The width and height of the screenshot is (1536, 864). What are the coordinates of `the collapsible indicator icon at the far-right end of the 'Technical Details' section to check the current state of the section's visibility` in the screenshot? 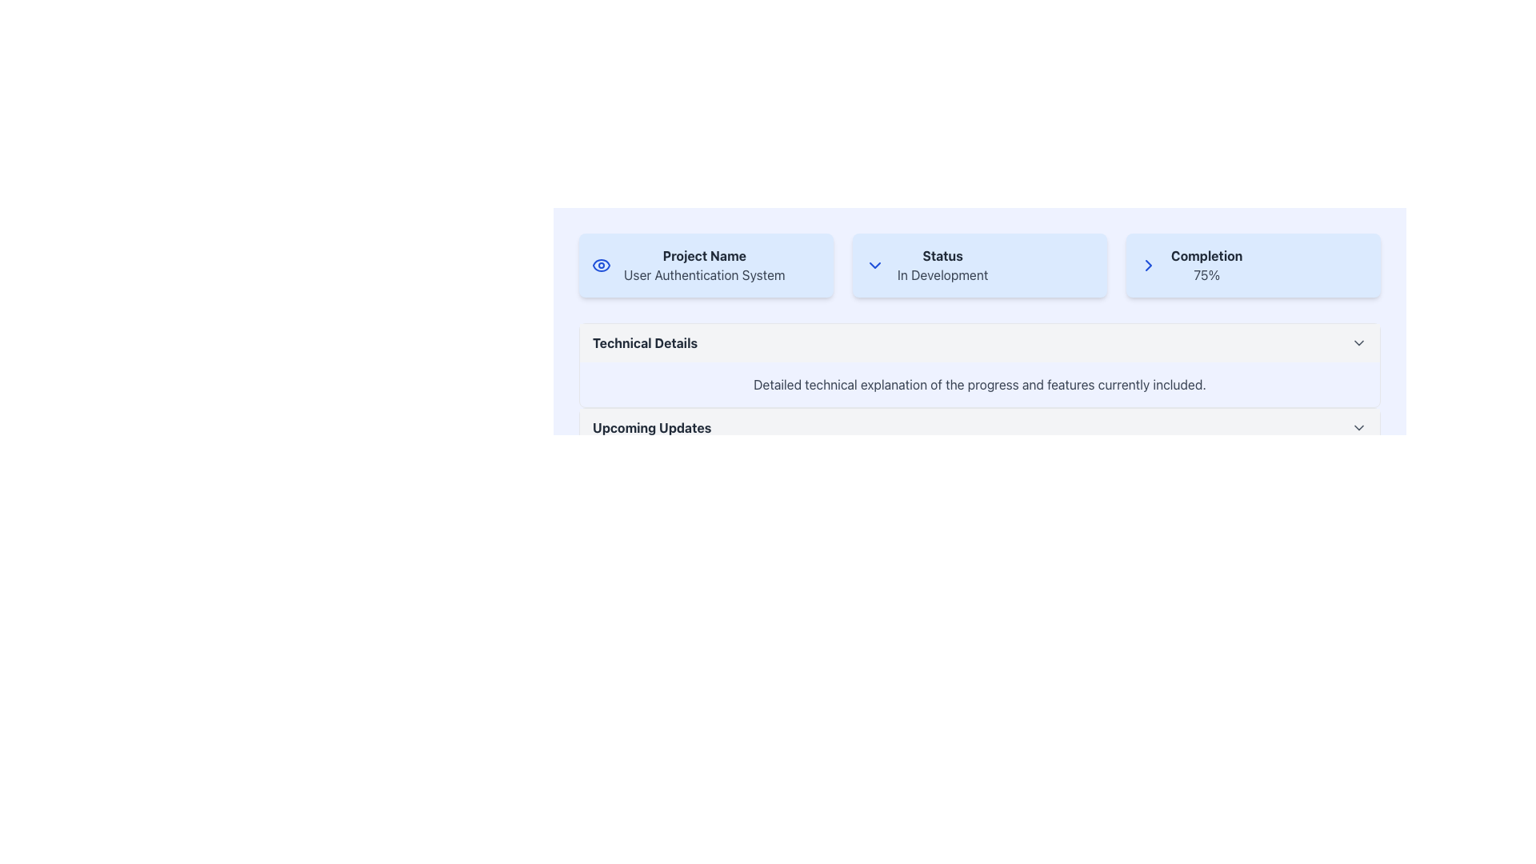 It's located at (1358, 342).